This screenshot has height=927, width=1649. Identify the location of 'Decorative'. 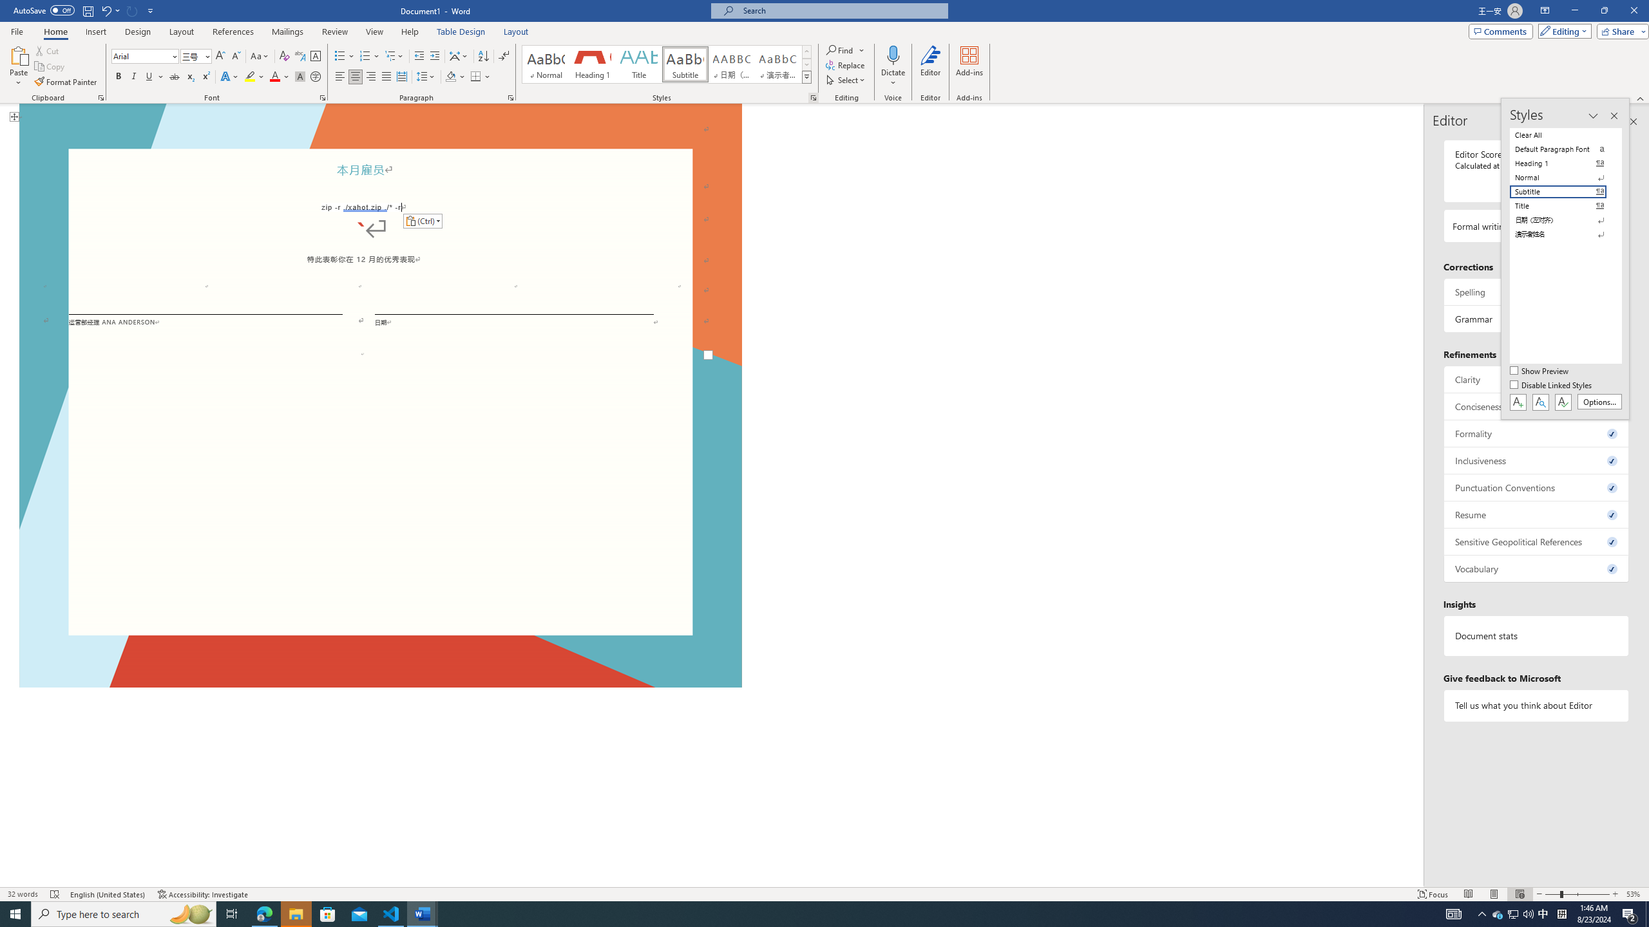
(381, 391).